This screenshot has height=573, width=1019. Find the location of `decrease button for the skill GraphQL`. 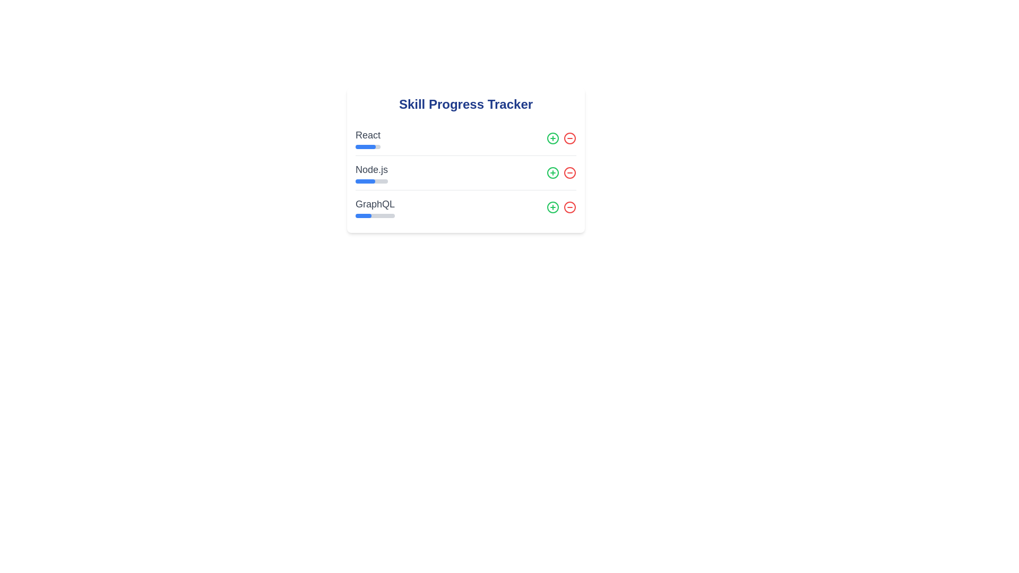

decrease button for the skill GraphQL is located at coordinates (569, 207).